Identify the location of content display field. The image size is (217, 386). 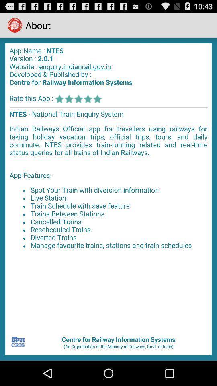
(108, 186).